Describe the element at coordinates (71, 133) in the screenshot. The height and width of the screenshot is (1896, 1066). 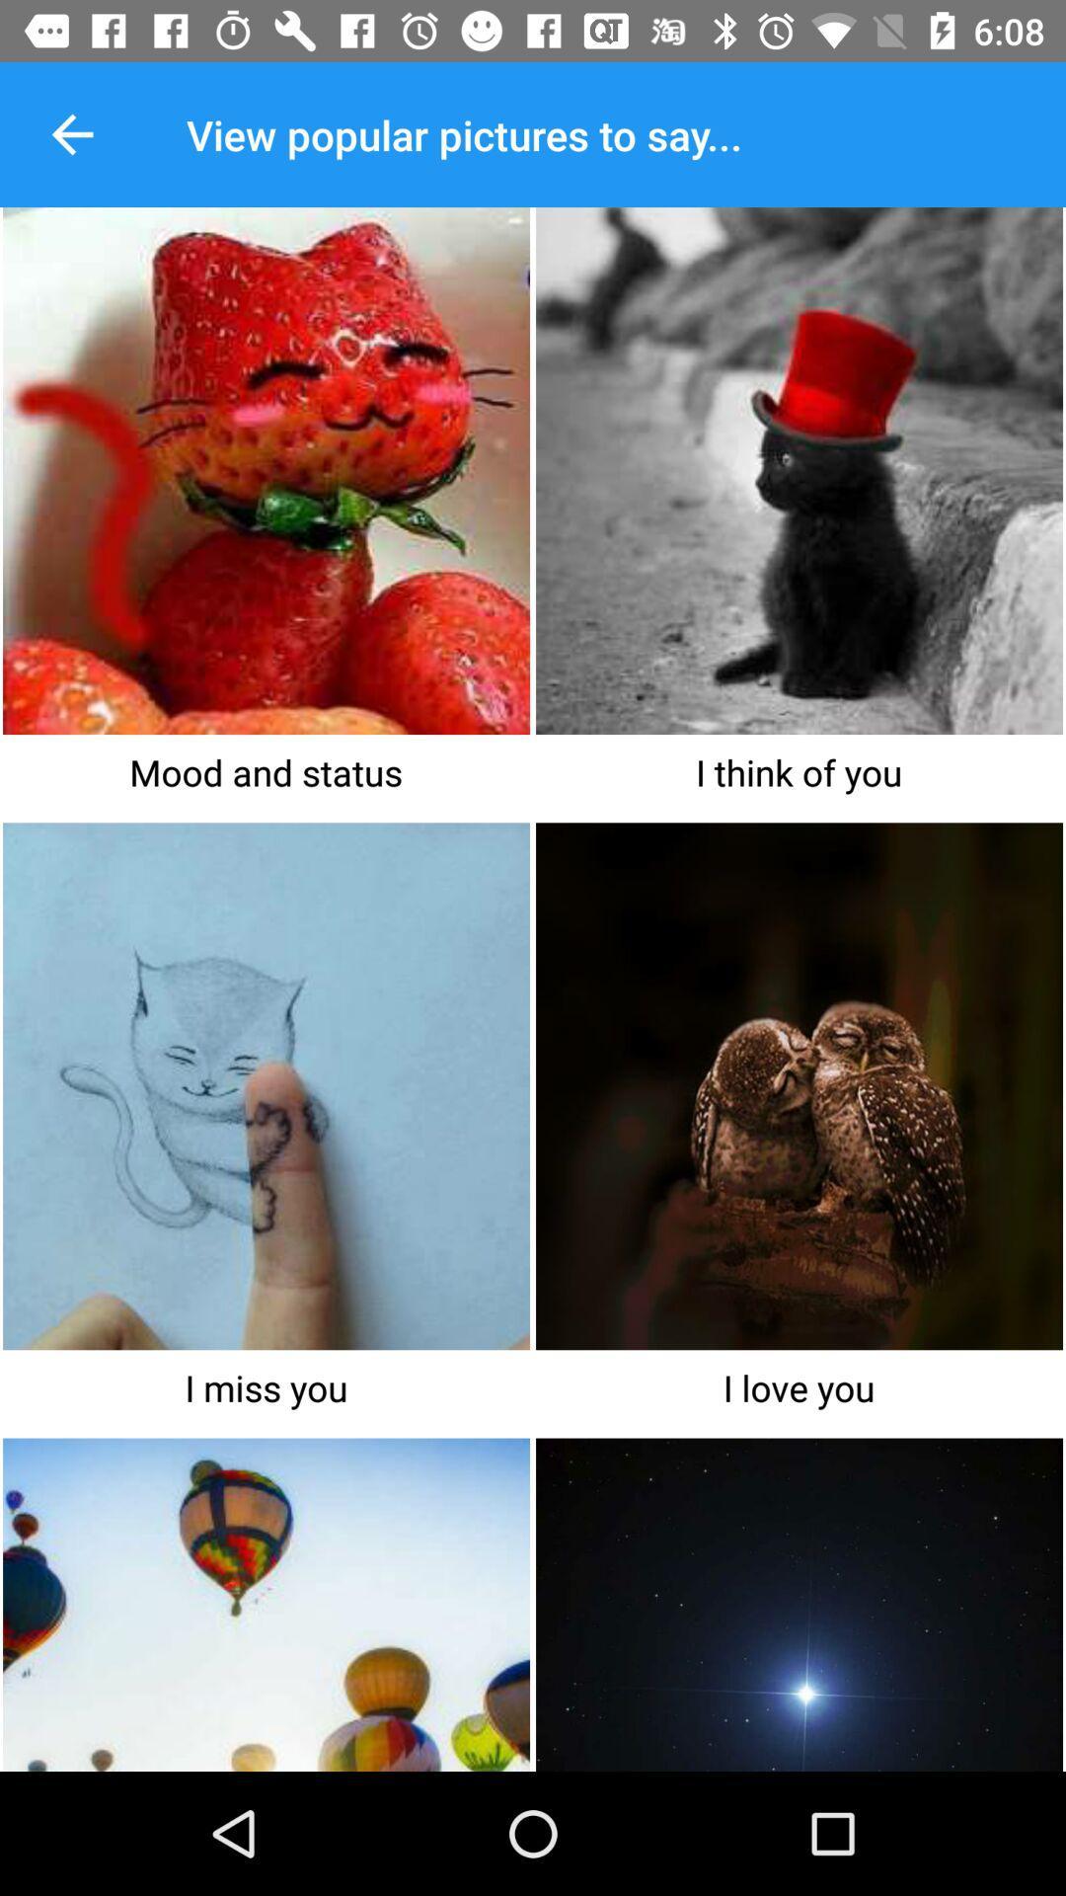
I see `item next to view popular pictures icon` at that location.